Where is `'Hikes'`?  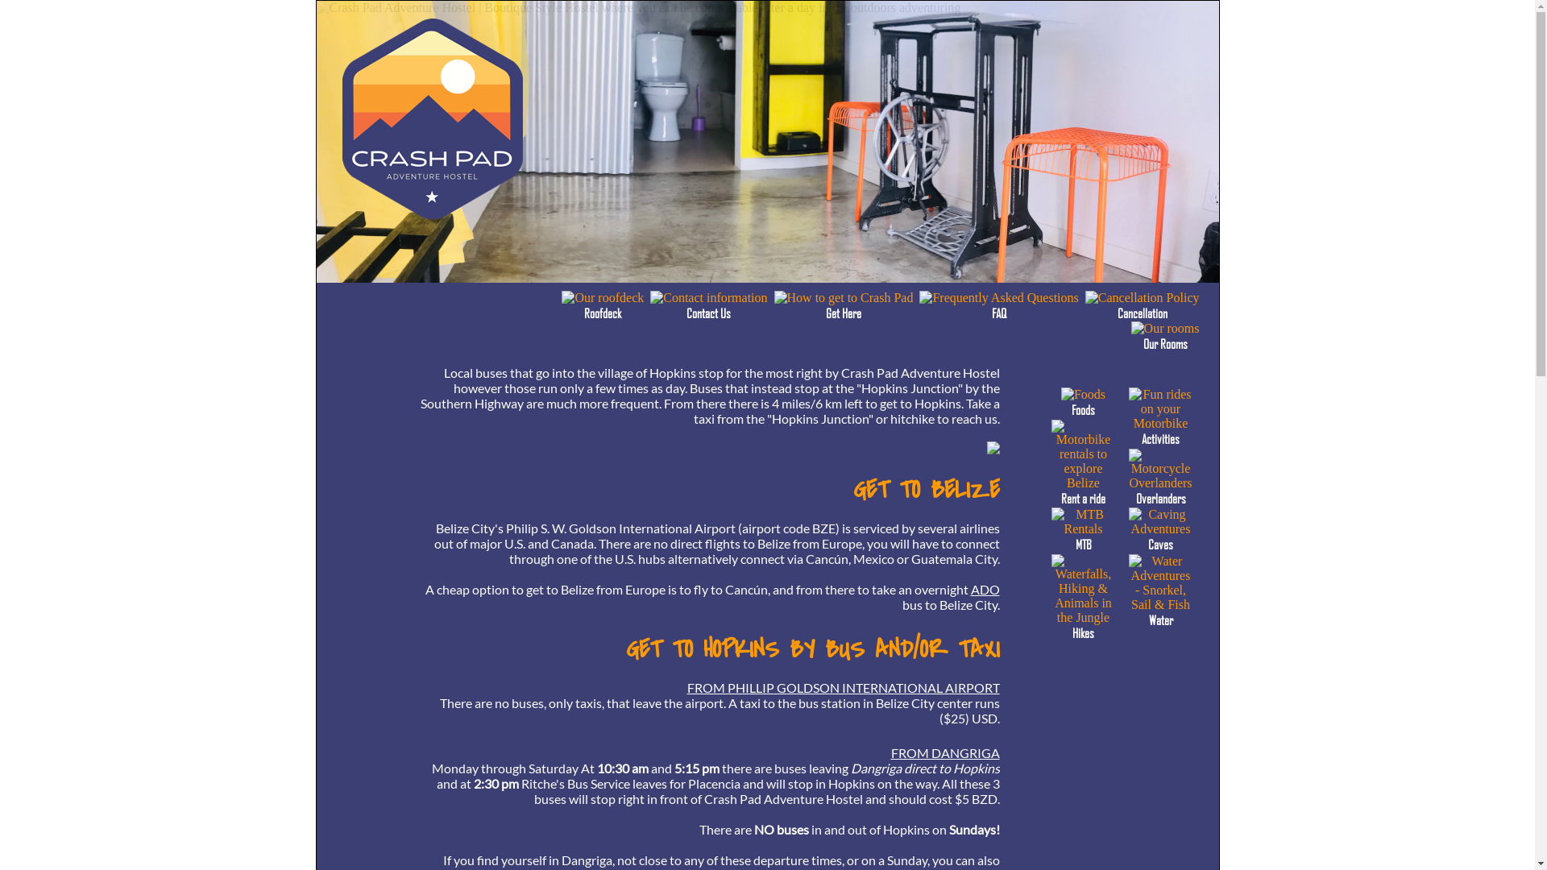 'Hikes' is located at coordinates (1083, 624).